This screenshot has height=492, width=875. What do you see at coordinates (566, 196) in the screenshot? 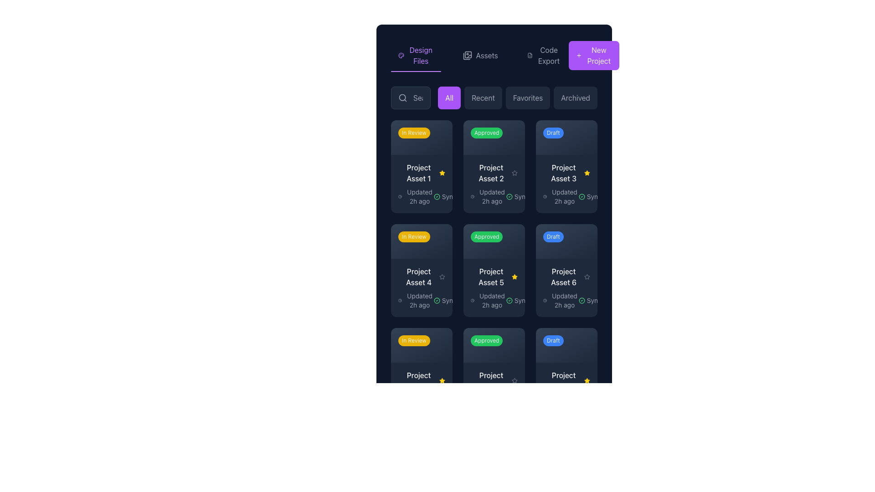
I see `the timestamp icon within the informational text 'Updated 2h ago Synced' located in the card labeled 'Project Asset 3'` at bounding box center [566, 196].